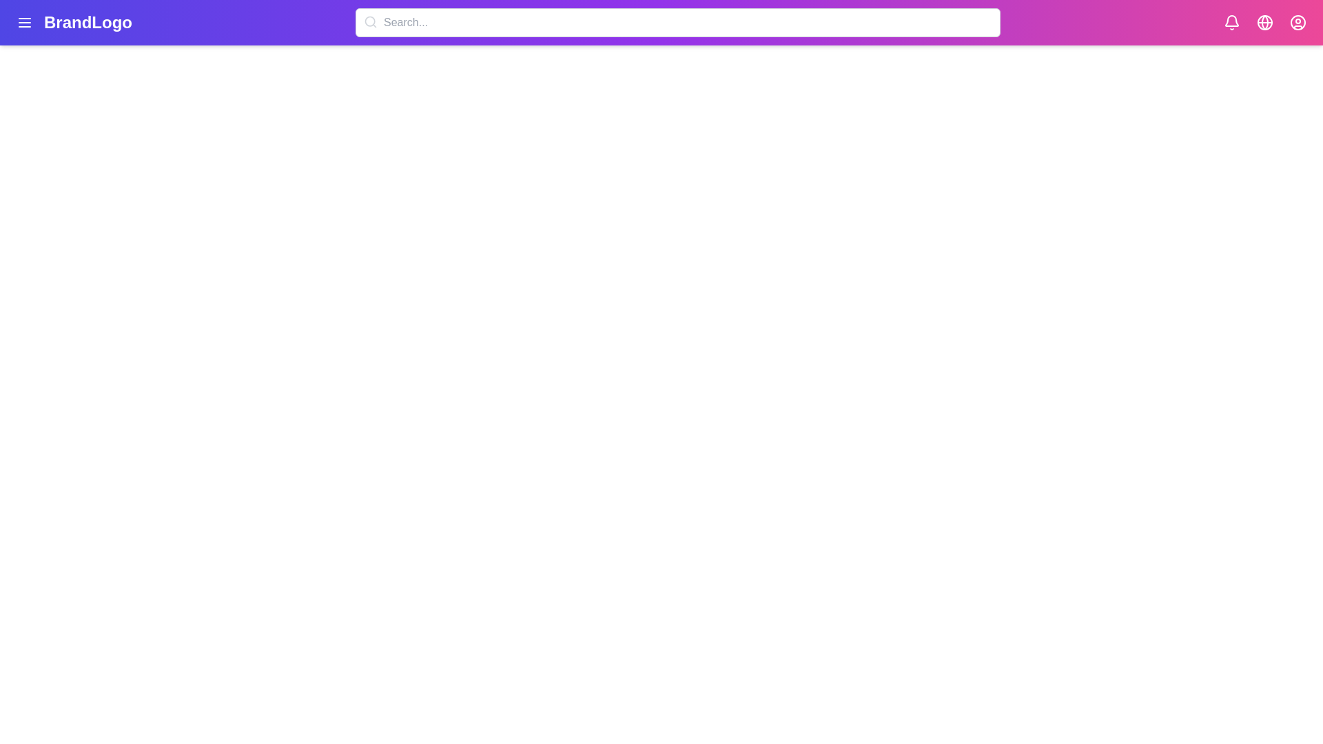 Image resolution: width=1323 pixels, height=744 pixels. I want to click on the branding composite element, which combines a logo and a supplementary icon, so click(73, 23).